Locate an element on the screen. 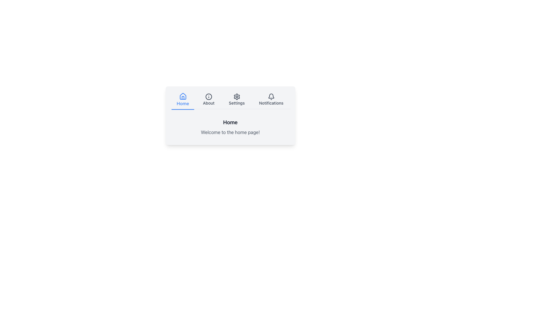  the 'Notifications' button in the navigation bar to trigger the visual style change is located at coordinates (271, 100).